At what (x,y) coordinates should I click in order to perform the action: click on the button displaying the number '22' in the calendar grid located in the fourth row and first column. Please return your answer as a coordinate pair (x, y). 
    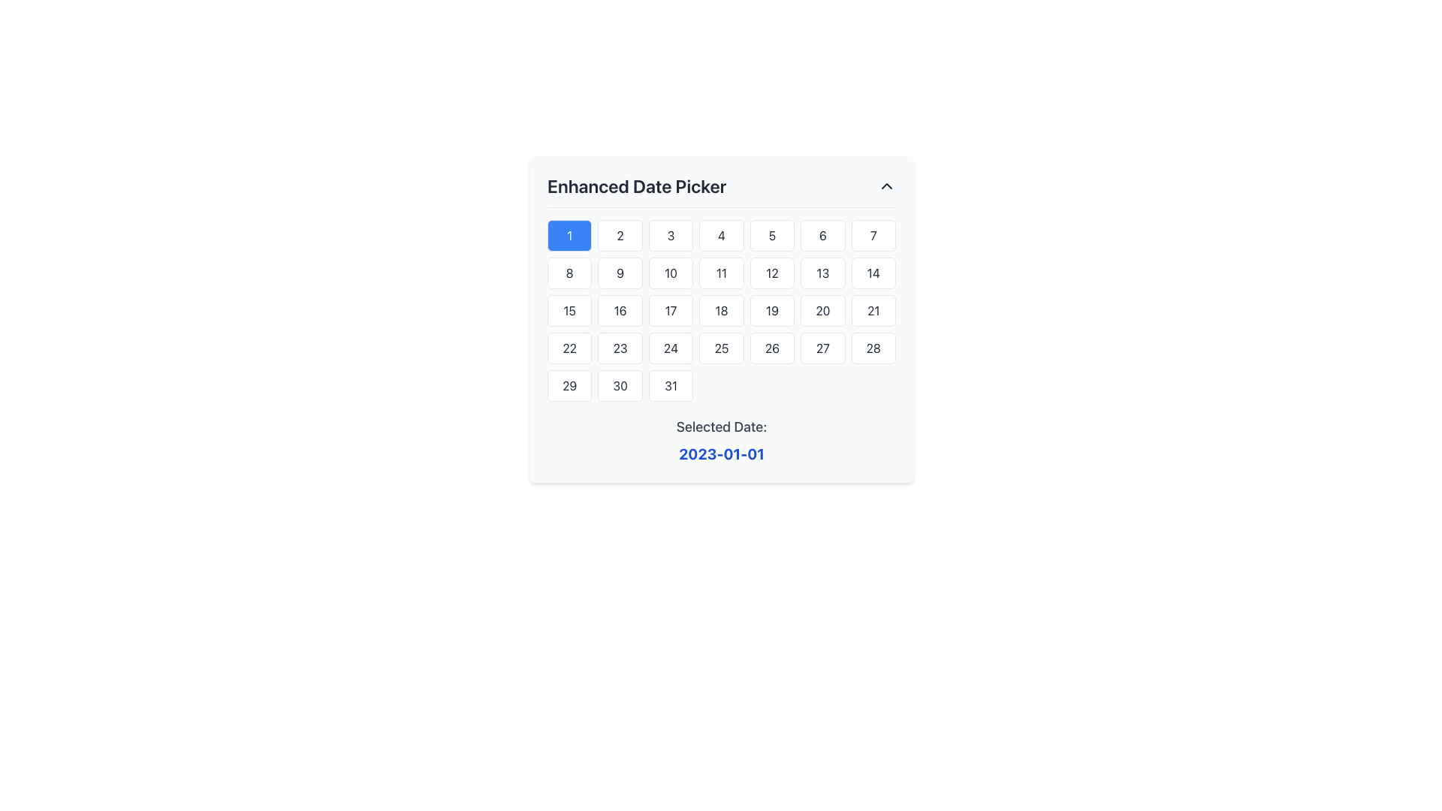
    Looking at the image, I should click on (569, 348).